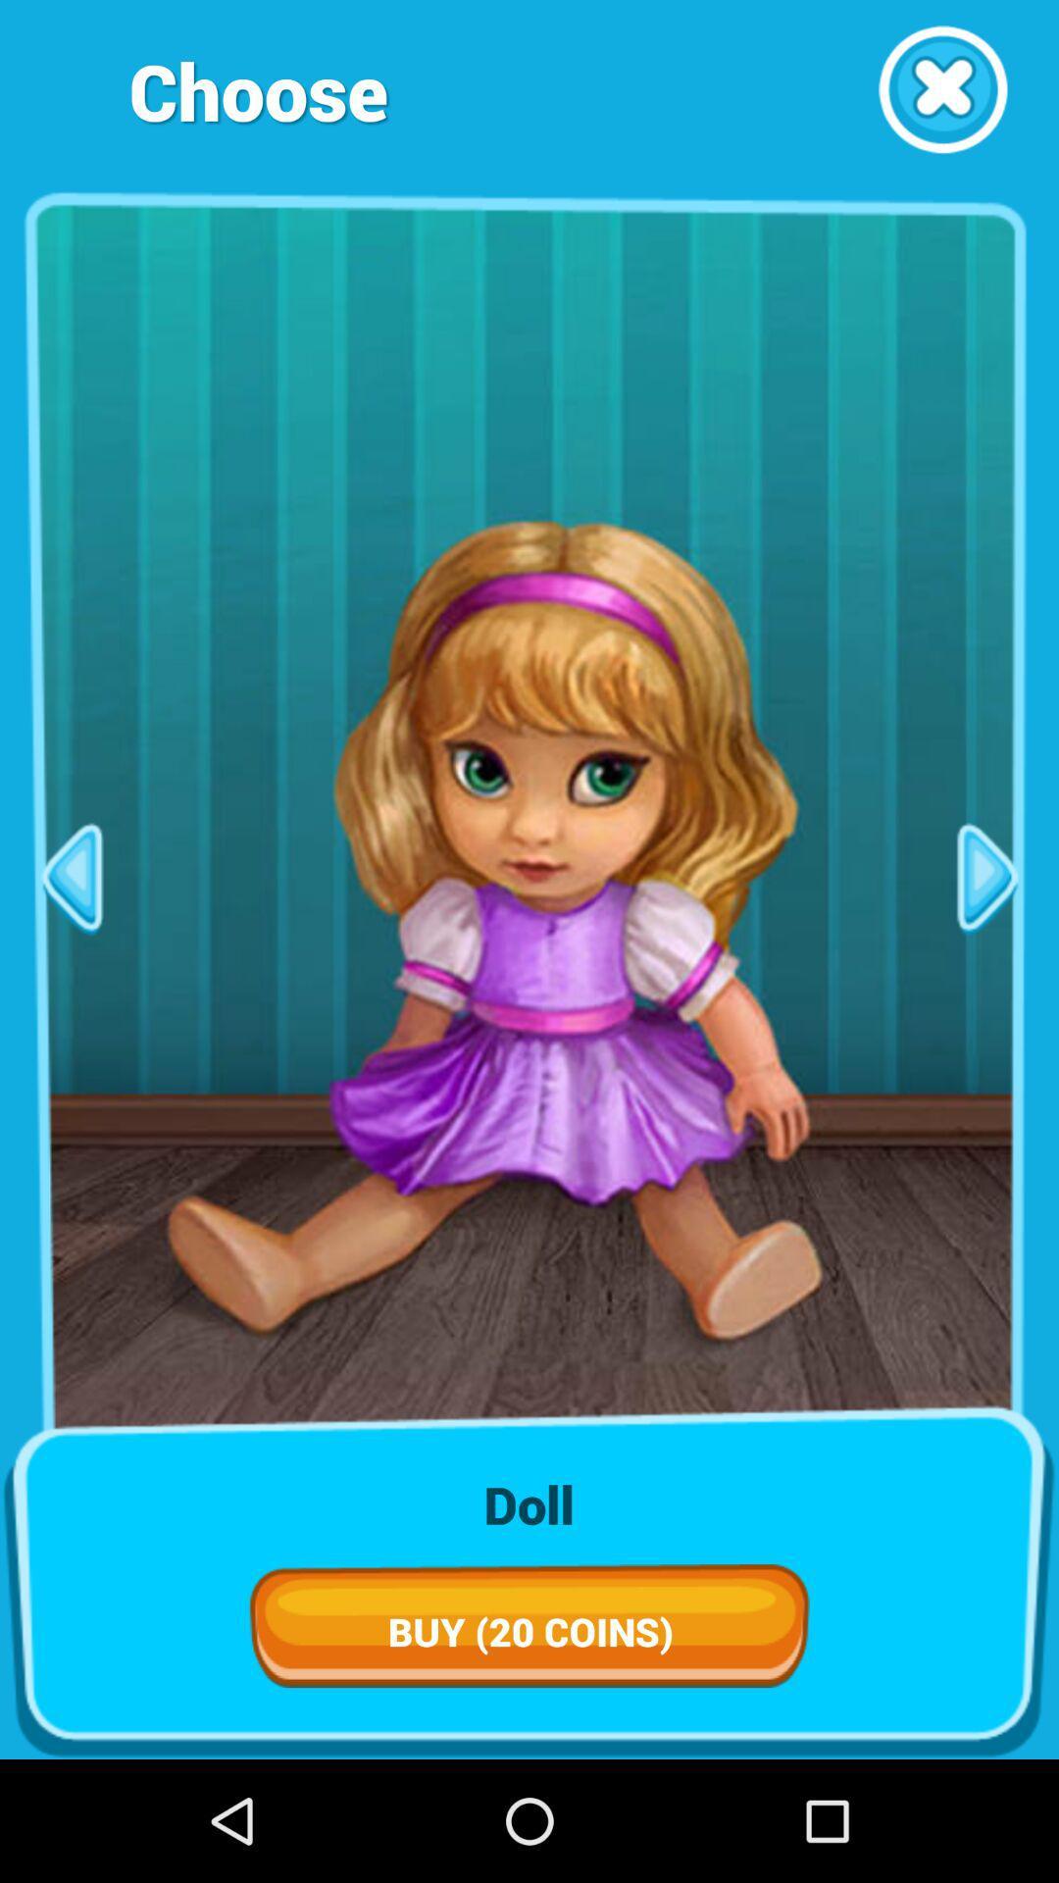 The image size is (1059, 1883). What do you see at coordinates (987, 940) in the screenshot?
I see `the play icon` at bounding box center [987, 940].